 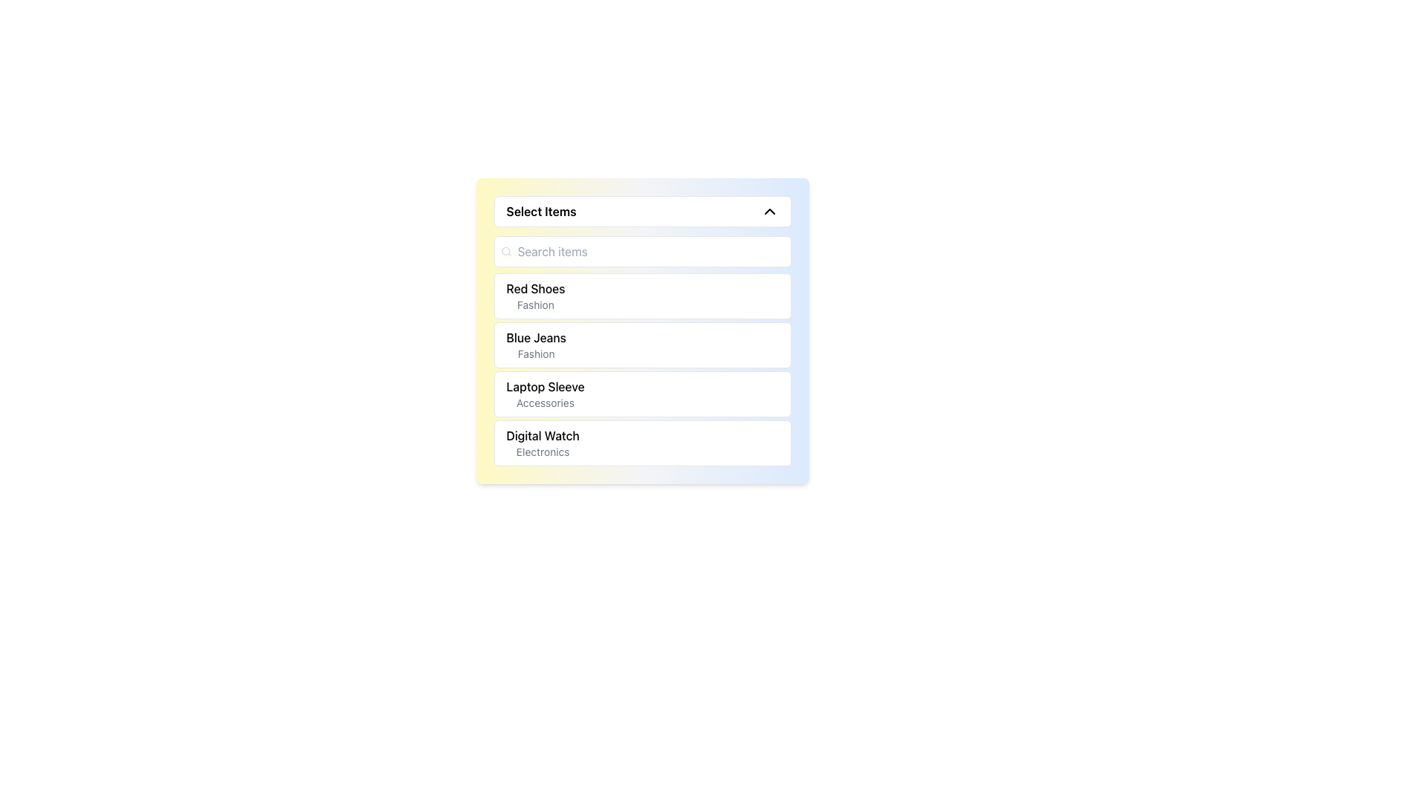 I want to click on the third list item in the dropdown menu, so click(x=642, y=394).